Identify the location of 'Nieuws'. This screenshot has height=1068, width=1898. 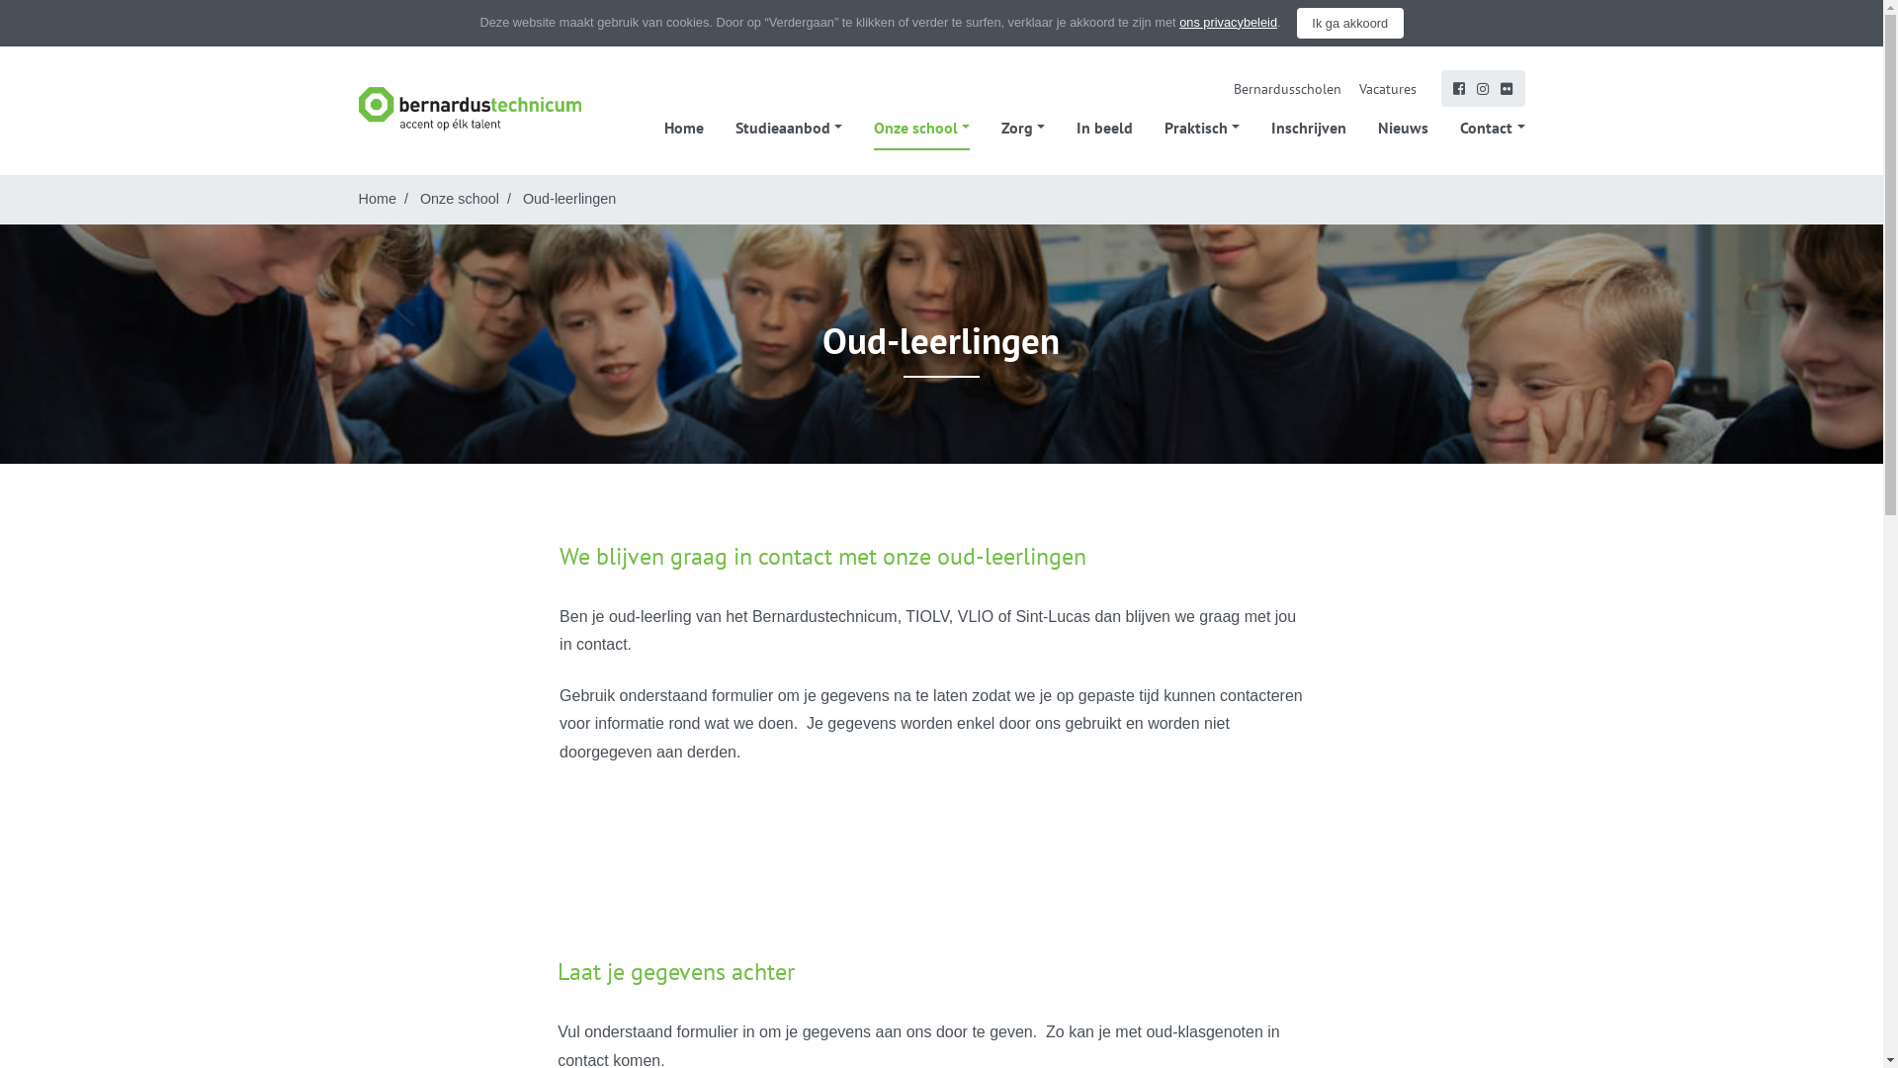
(1402, 127).